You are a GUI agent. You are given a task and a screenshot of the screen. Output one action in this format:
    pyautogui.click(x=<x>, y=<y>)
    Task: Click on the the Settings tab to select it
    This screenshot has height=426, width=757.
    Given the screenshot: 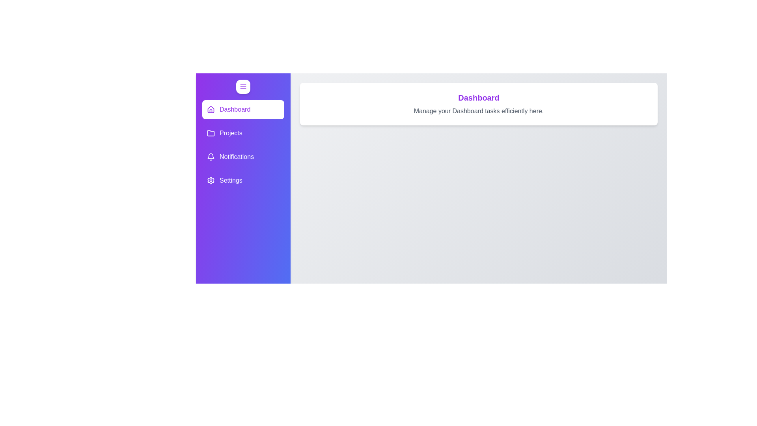 What is the action you would take?
    pyautogui.click(x=243, y=181)
    